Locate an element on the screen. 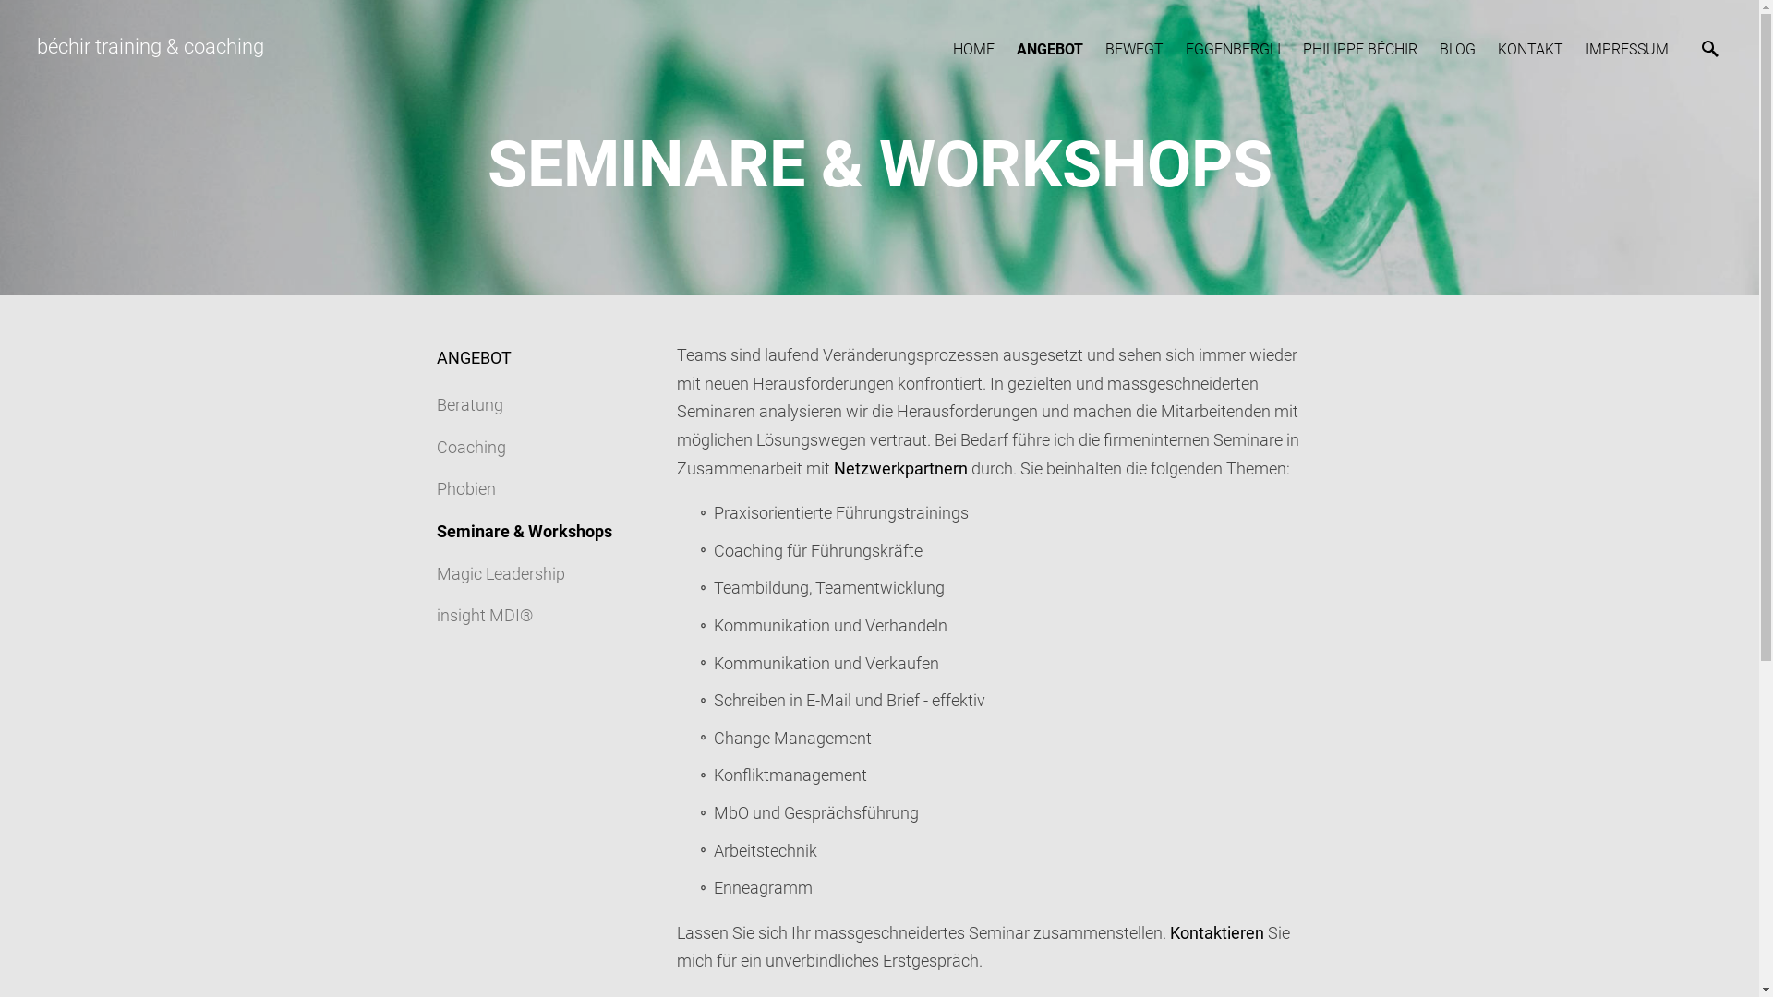 This screenshot has width=1773, height=997. 'Seminare & Workshops' is located at coordinates (522, 531).